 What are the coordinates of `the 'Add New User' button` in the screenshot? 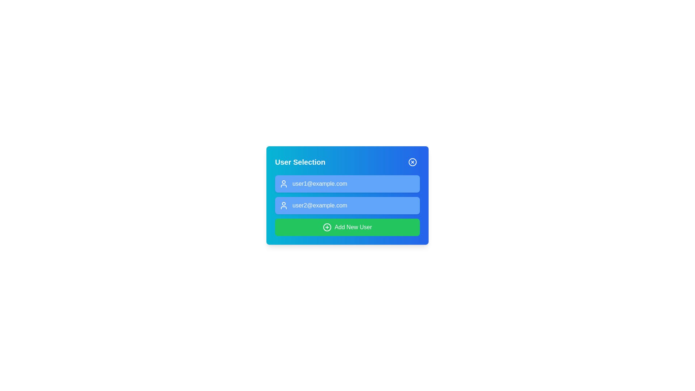 It's located at (347, 227).